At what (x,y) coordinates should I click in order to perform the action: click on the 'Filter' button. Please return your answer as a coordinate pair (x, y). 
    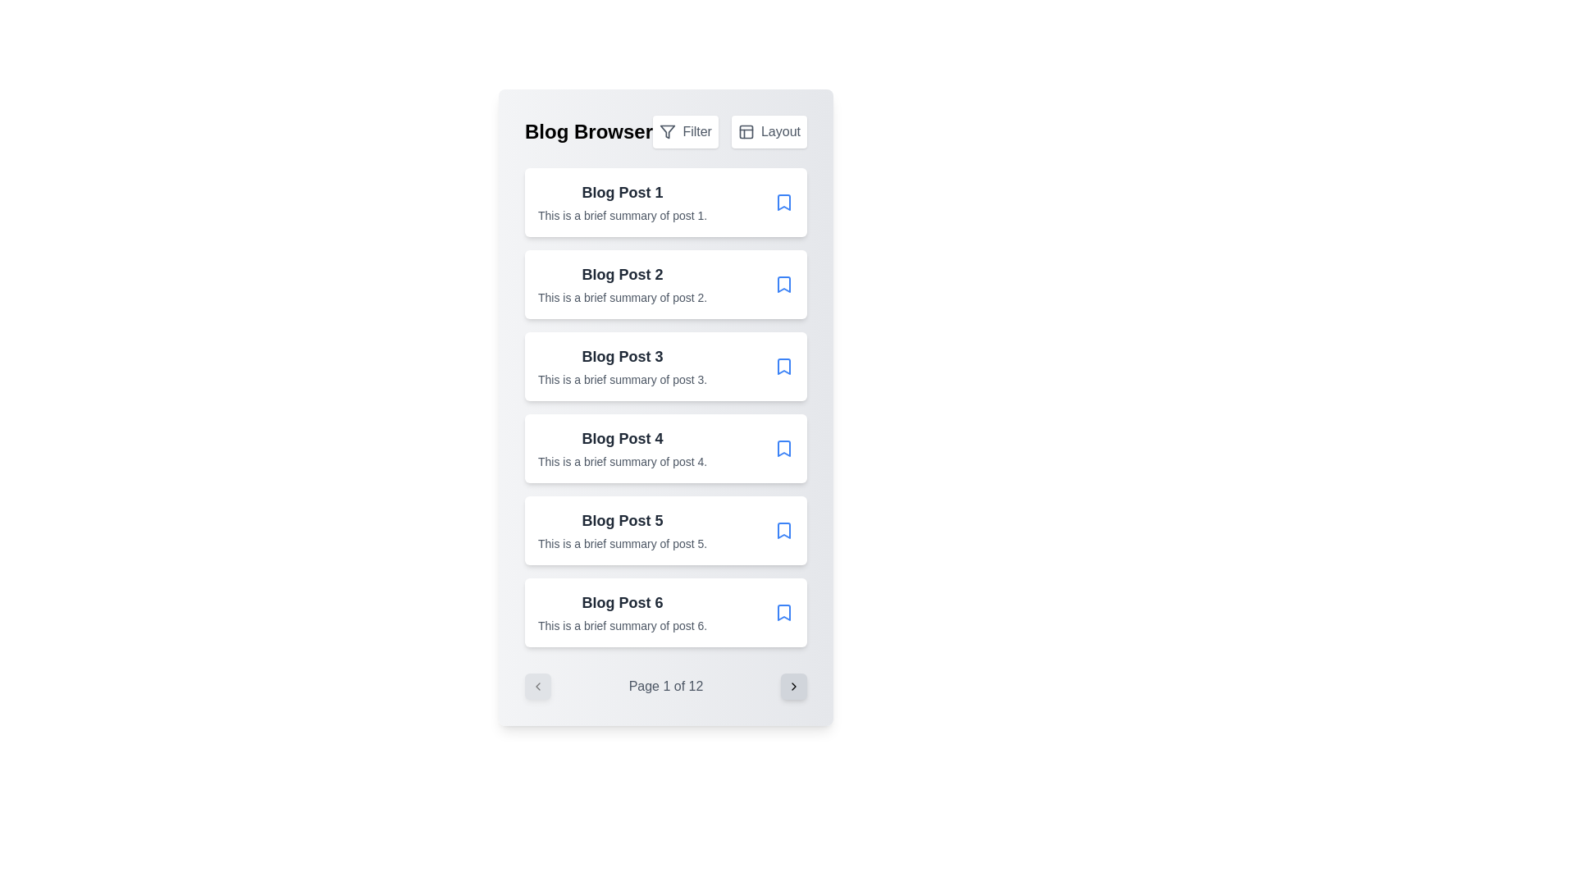
    Looking at the image, I should click on (686, 131).